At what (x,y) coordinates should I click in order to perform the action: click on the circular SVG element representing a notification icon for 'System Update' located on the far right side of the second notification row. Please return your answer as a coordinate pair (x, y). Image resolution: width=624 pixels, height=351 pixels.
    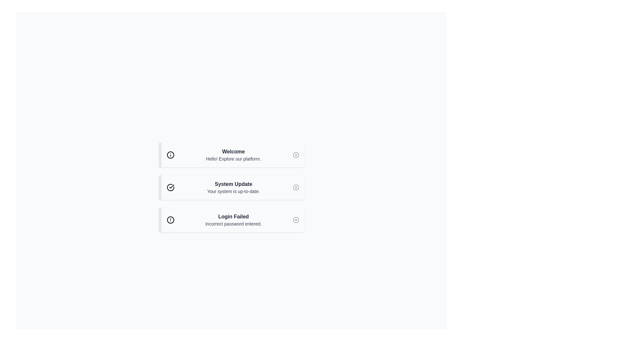
    Looking at the image, I should click on (295, 188).